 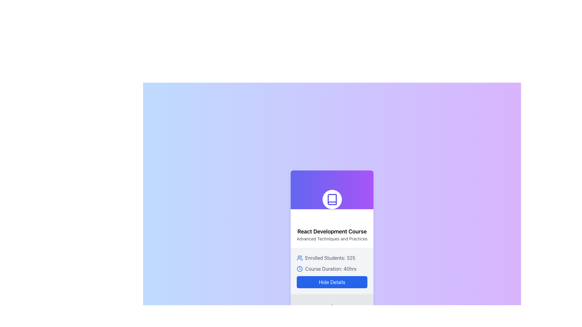 What do you see at coordinates (332, 190) in the screenshot?
I see `the decorative header with an embedded icon located at the top of the course card, which visually identifies the course content` at bounding box center [332, 190].